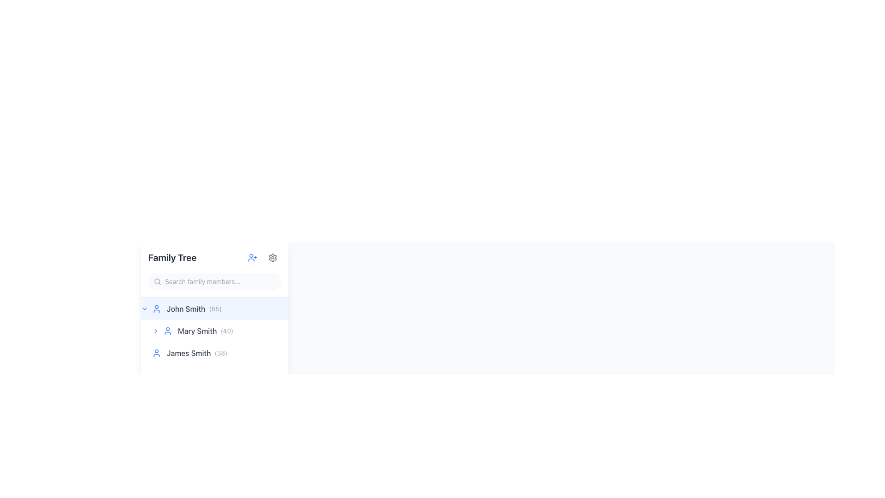  What do you see at coordinates (196, 330) in the screenshot?
I see `the Text label displaying 'Mary Smith', which is styled with a gray font and positioned inline with the text '(40)' and a user silhouette icon` at bounding box center [196, 330].